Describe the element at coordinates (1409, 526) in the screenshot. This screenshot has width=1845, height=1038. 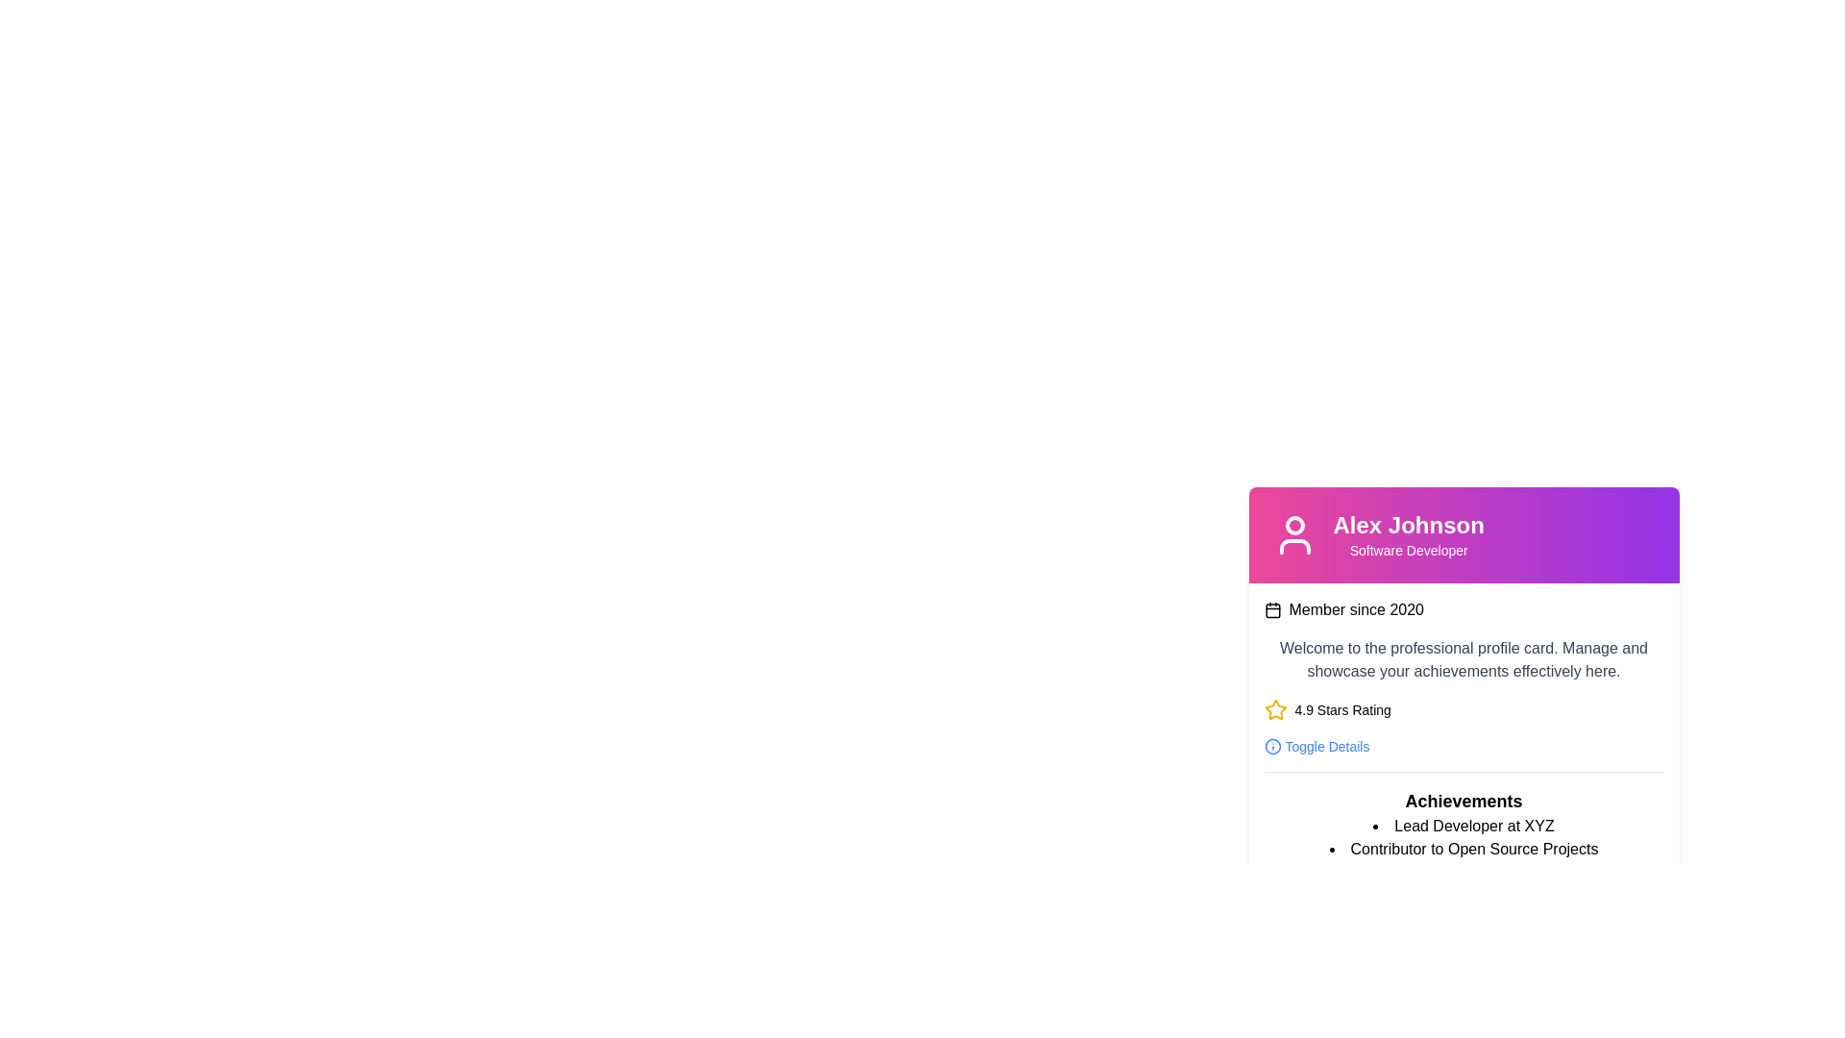
I see `the bold-styled text segment displaying 'Alex Johnson' which is centrally aligned in the header of the profile card` at that location.